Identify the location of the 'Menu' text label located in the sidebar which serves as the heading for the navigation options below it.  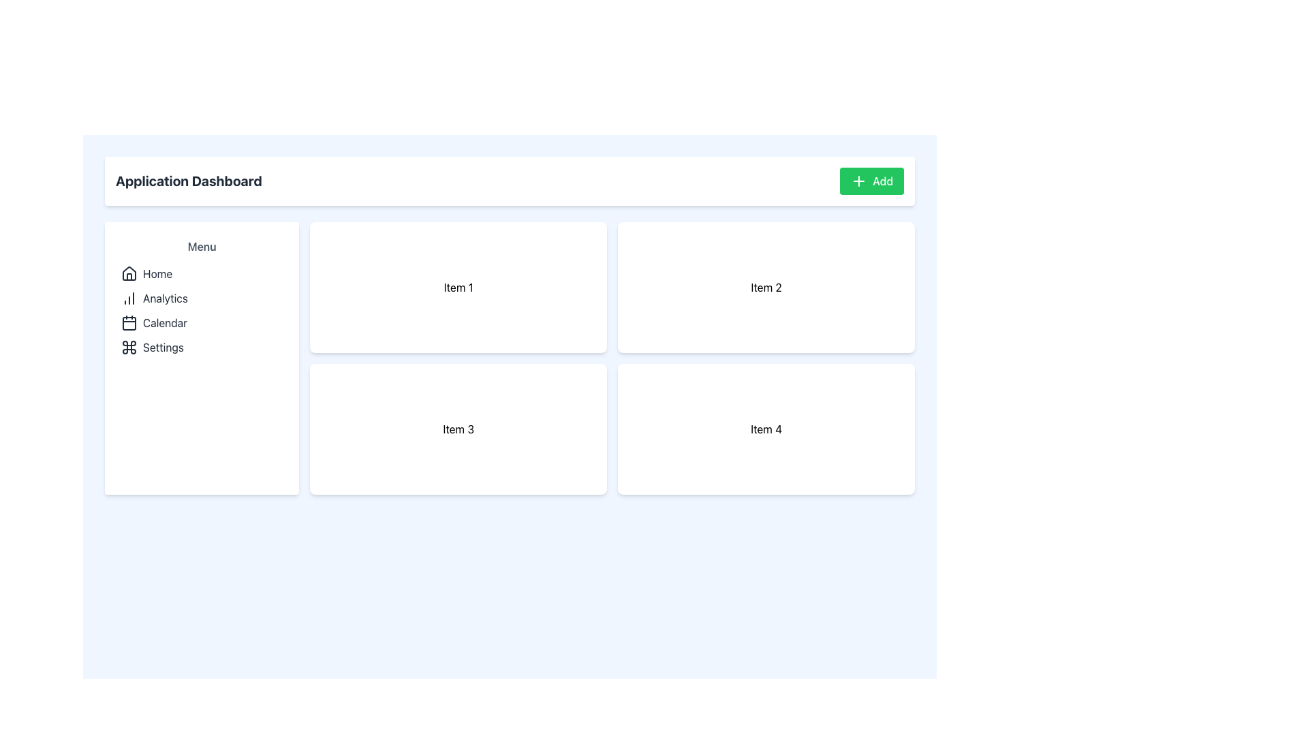
(201, 247).